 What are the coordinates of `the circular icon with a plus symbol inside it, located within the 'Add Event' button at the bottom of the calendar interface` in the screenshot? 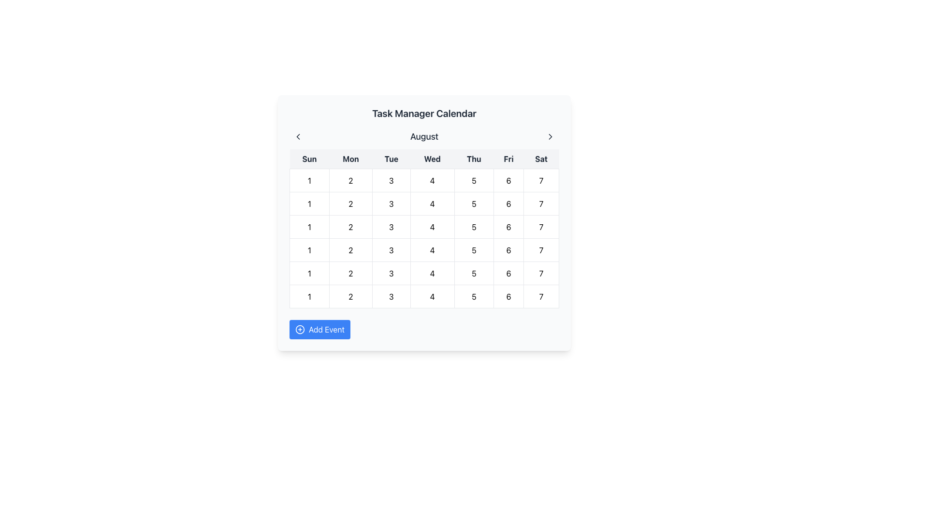 It's located at (299, 329).